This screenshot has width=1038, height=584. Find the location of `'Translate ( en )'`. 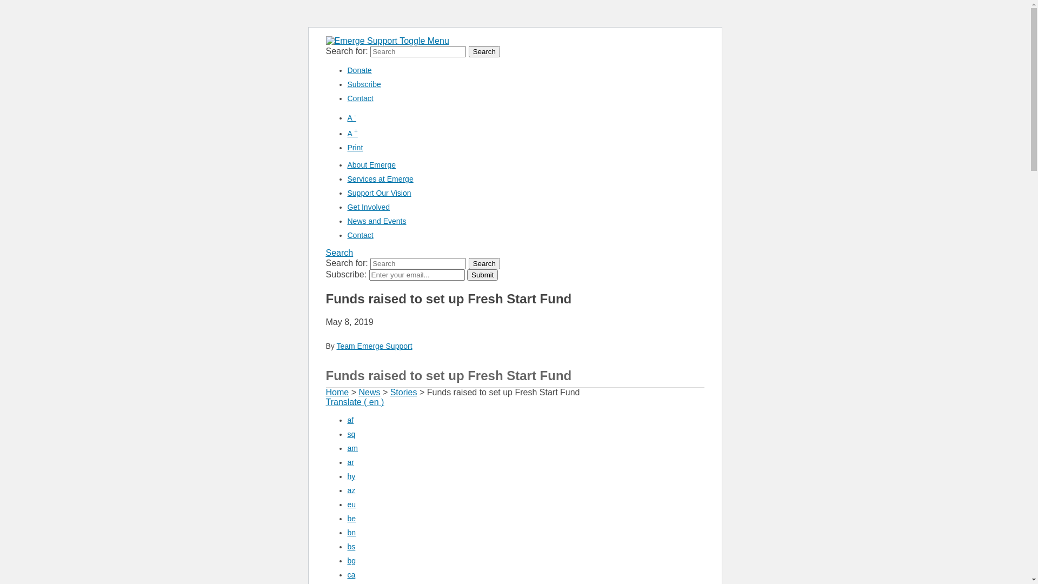

'Translate ( en )' is located at coordinates (355, 402).